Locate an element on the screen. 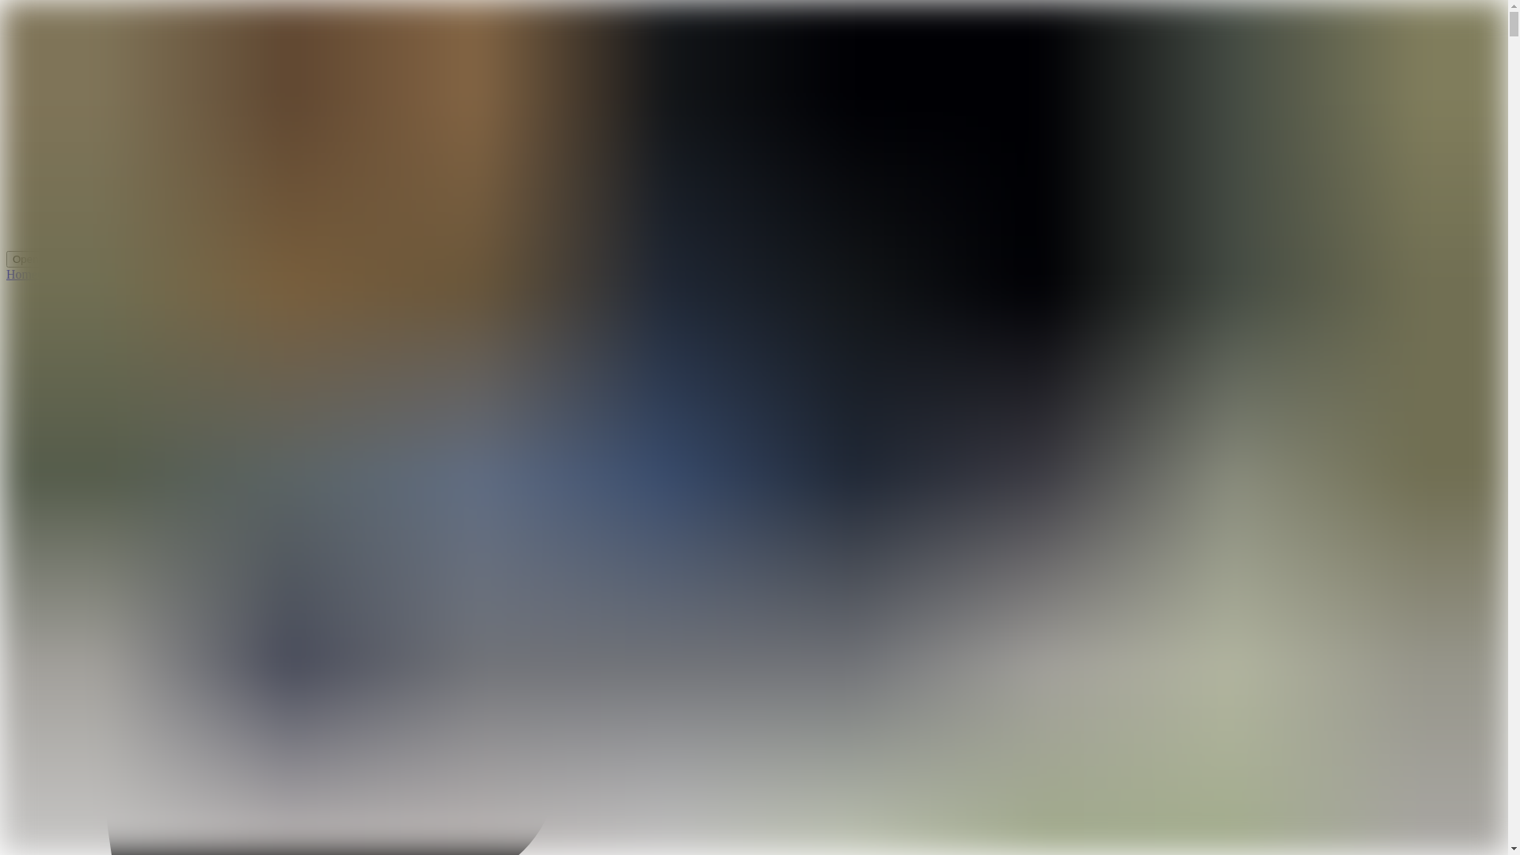 This screenshot has width=1520, height=855. 'Home' is located at coordinates (6, 273).